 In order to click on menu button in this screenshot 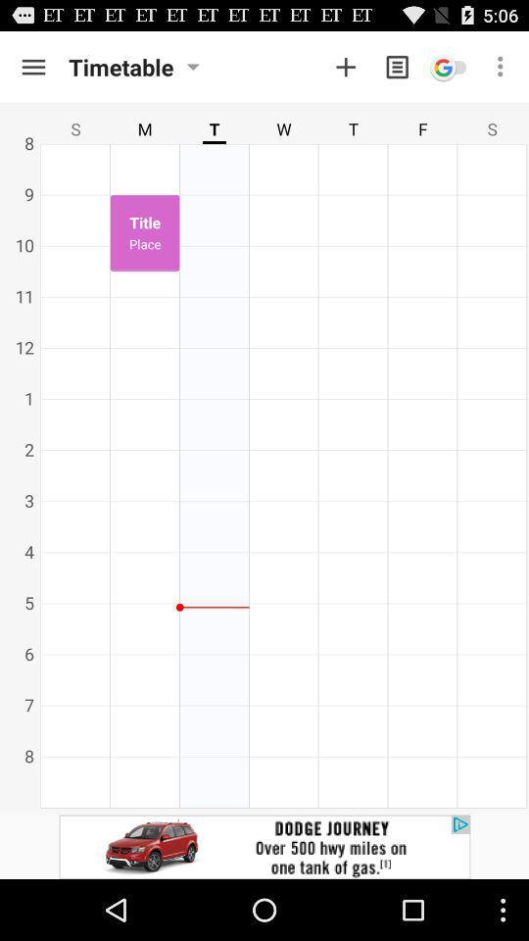, I will do `click(32, 67)`.